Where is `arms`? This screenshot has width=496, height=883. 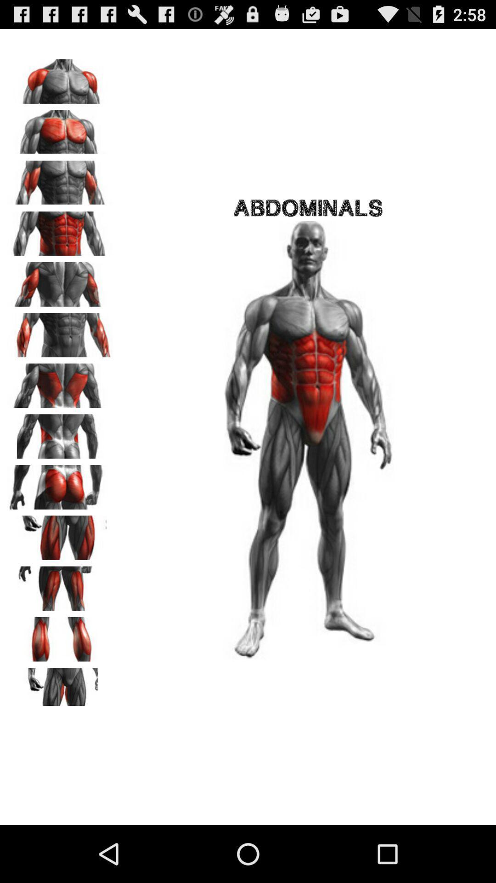 arms is located at coordinates (60, 78).